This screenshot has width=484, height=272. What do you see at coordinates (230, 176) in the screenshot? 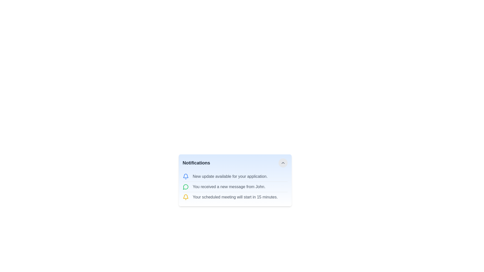
I see `the static text element that informs the user about the availability of a new update for the application, located adjacent to a blue bell icon on the left` at bounding box center [230, 176].